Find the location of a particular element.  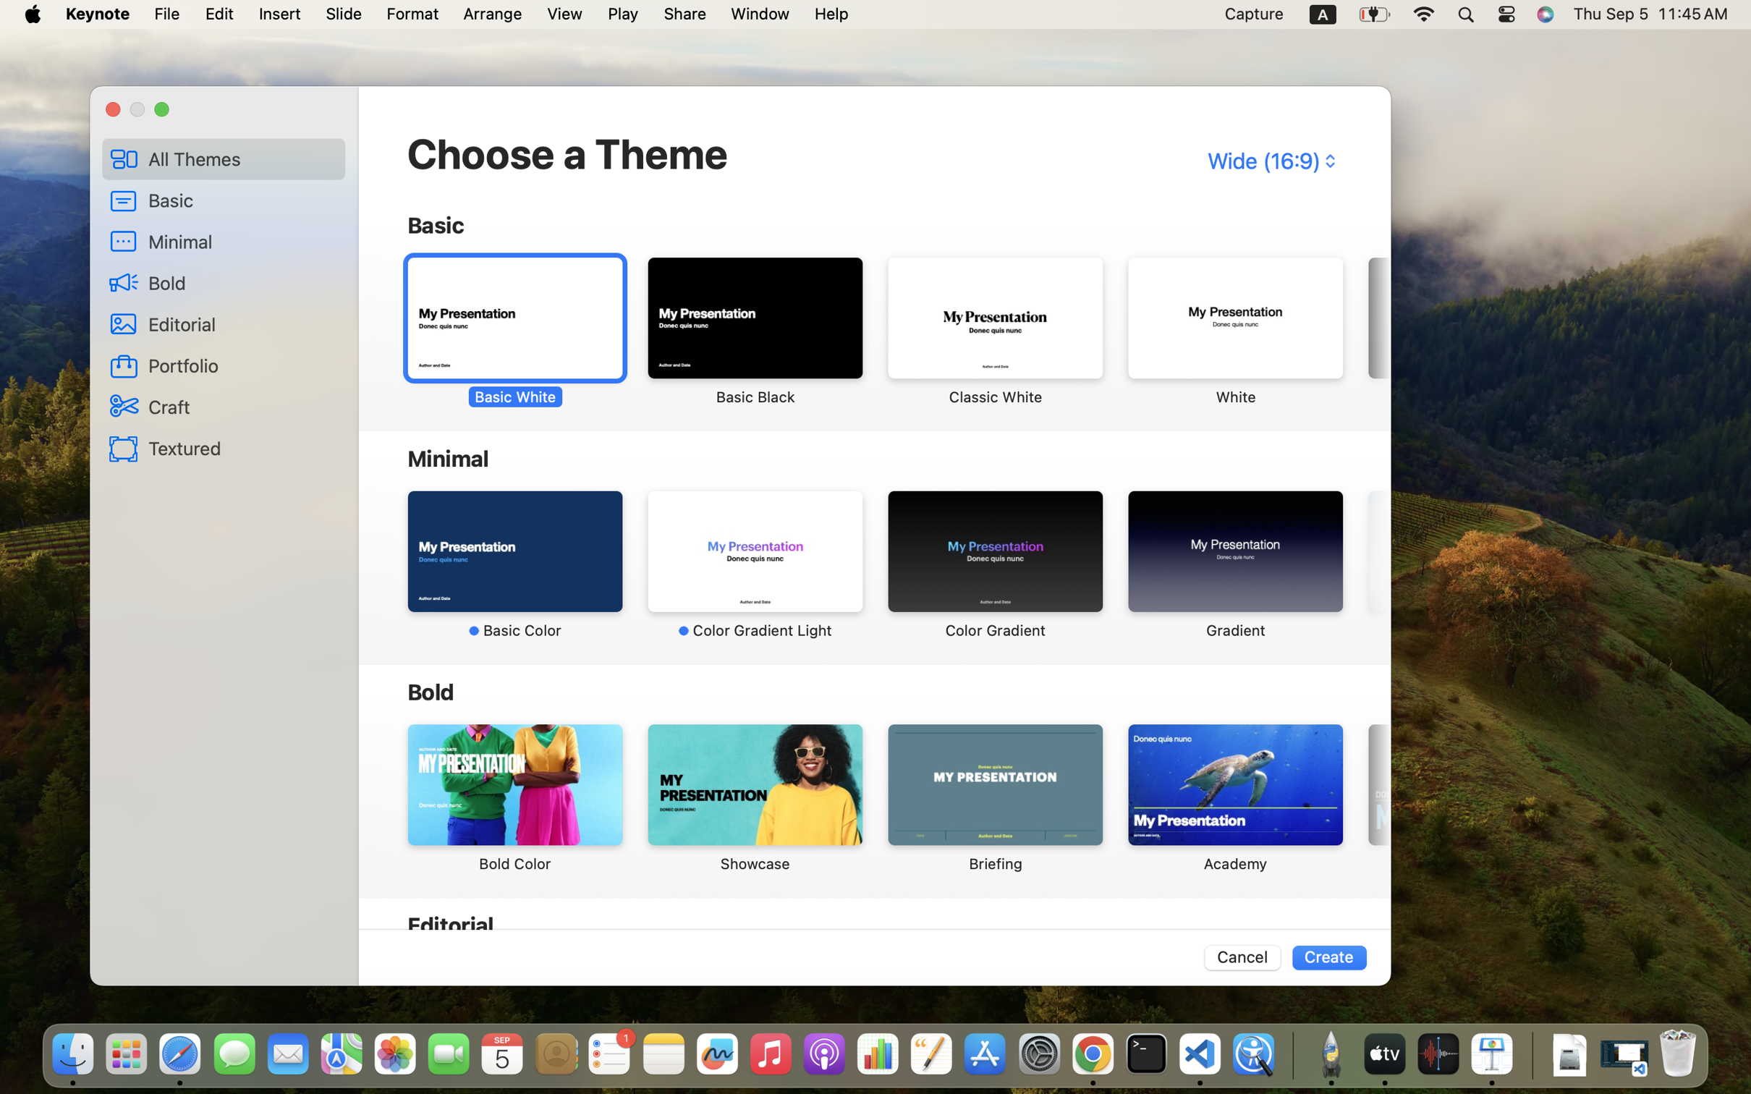

'Editorial' is located at coordinates (242, 323).